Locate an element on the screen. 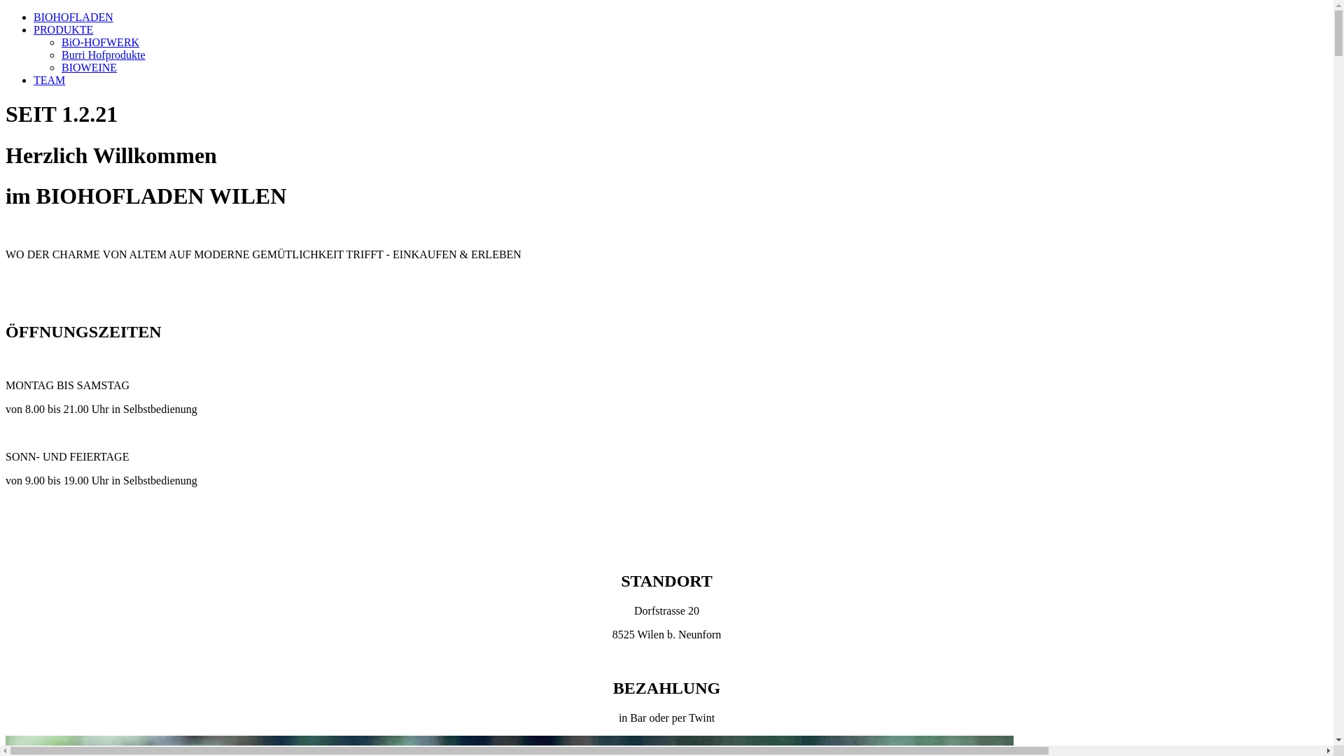  'Burri Hofprodukte' is located at coordinates (60, 54).